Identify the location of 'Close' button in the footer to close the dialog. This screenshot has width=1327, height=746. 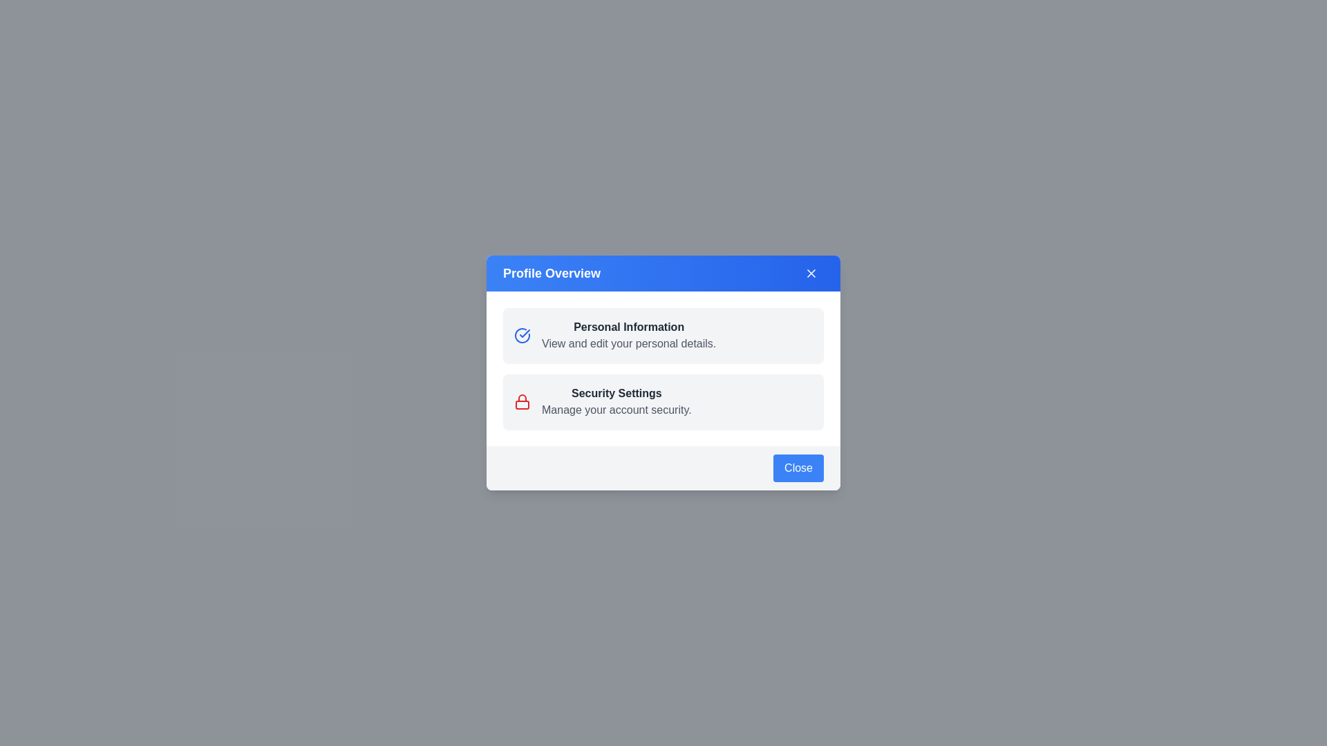
(798, 468).